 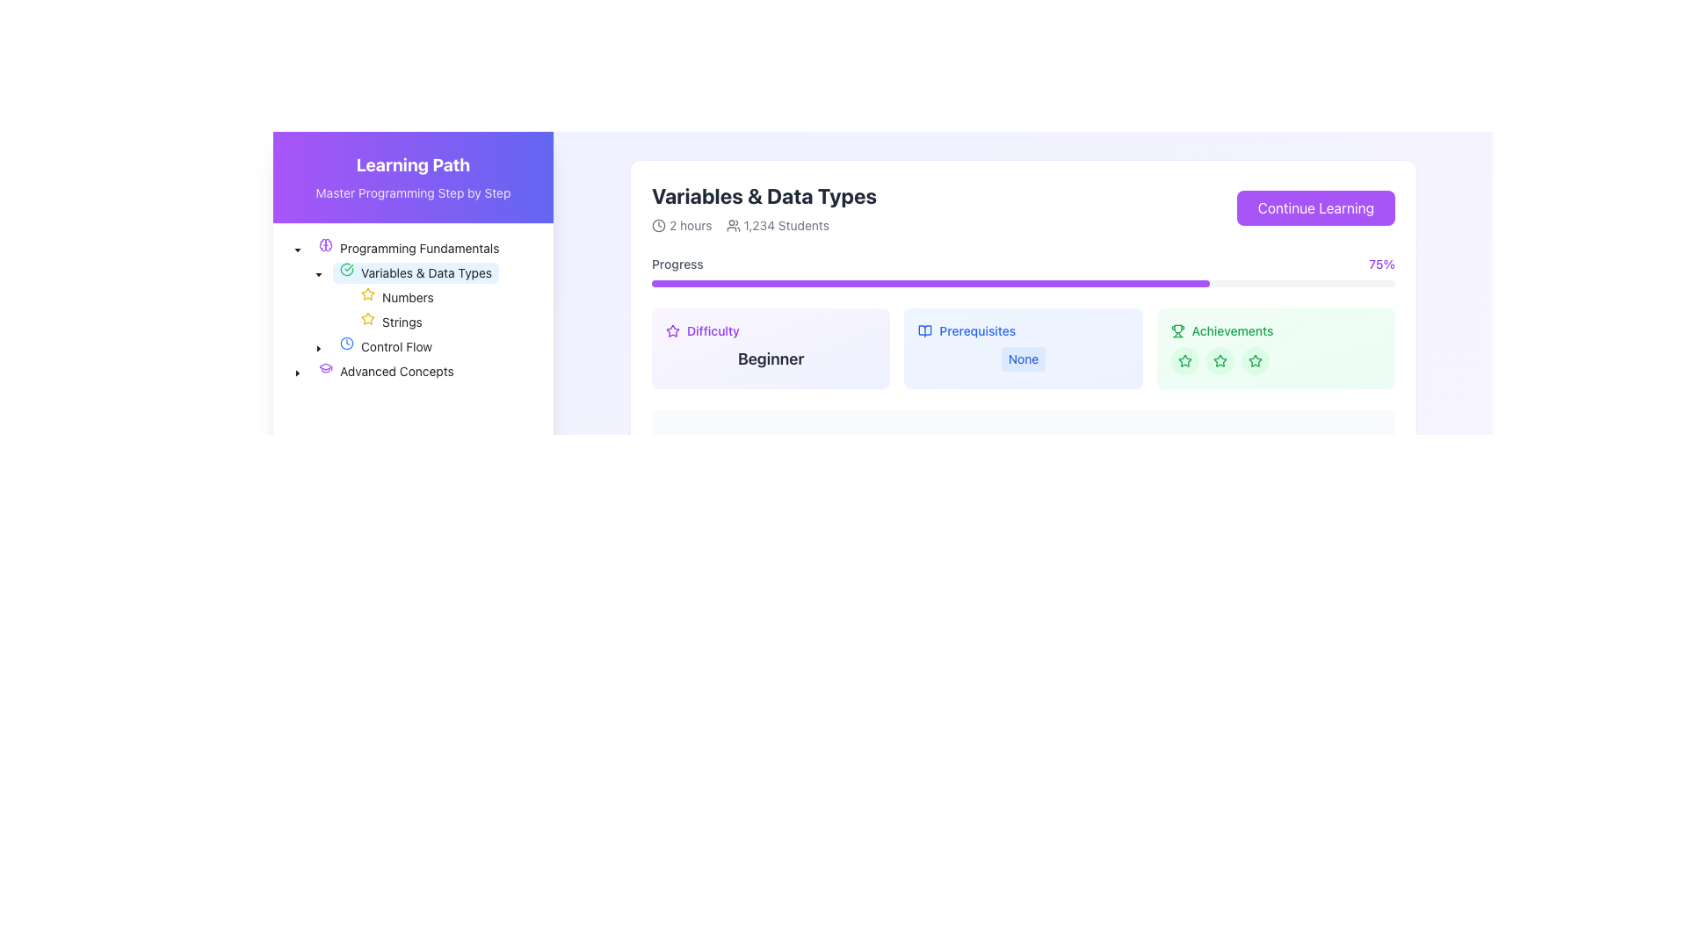 What do you see at coordinates (392, 273) in the screenshot?
I see `the tree view item titled 'Variables & Data Types', which is the second item under 'Programming Fundamentals'` at bounding box center [392, 273].